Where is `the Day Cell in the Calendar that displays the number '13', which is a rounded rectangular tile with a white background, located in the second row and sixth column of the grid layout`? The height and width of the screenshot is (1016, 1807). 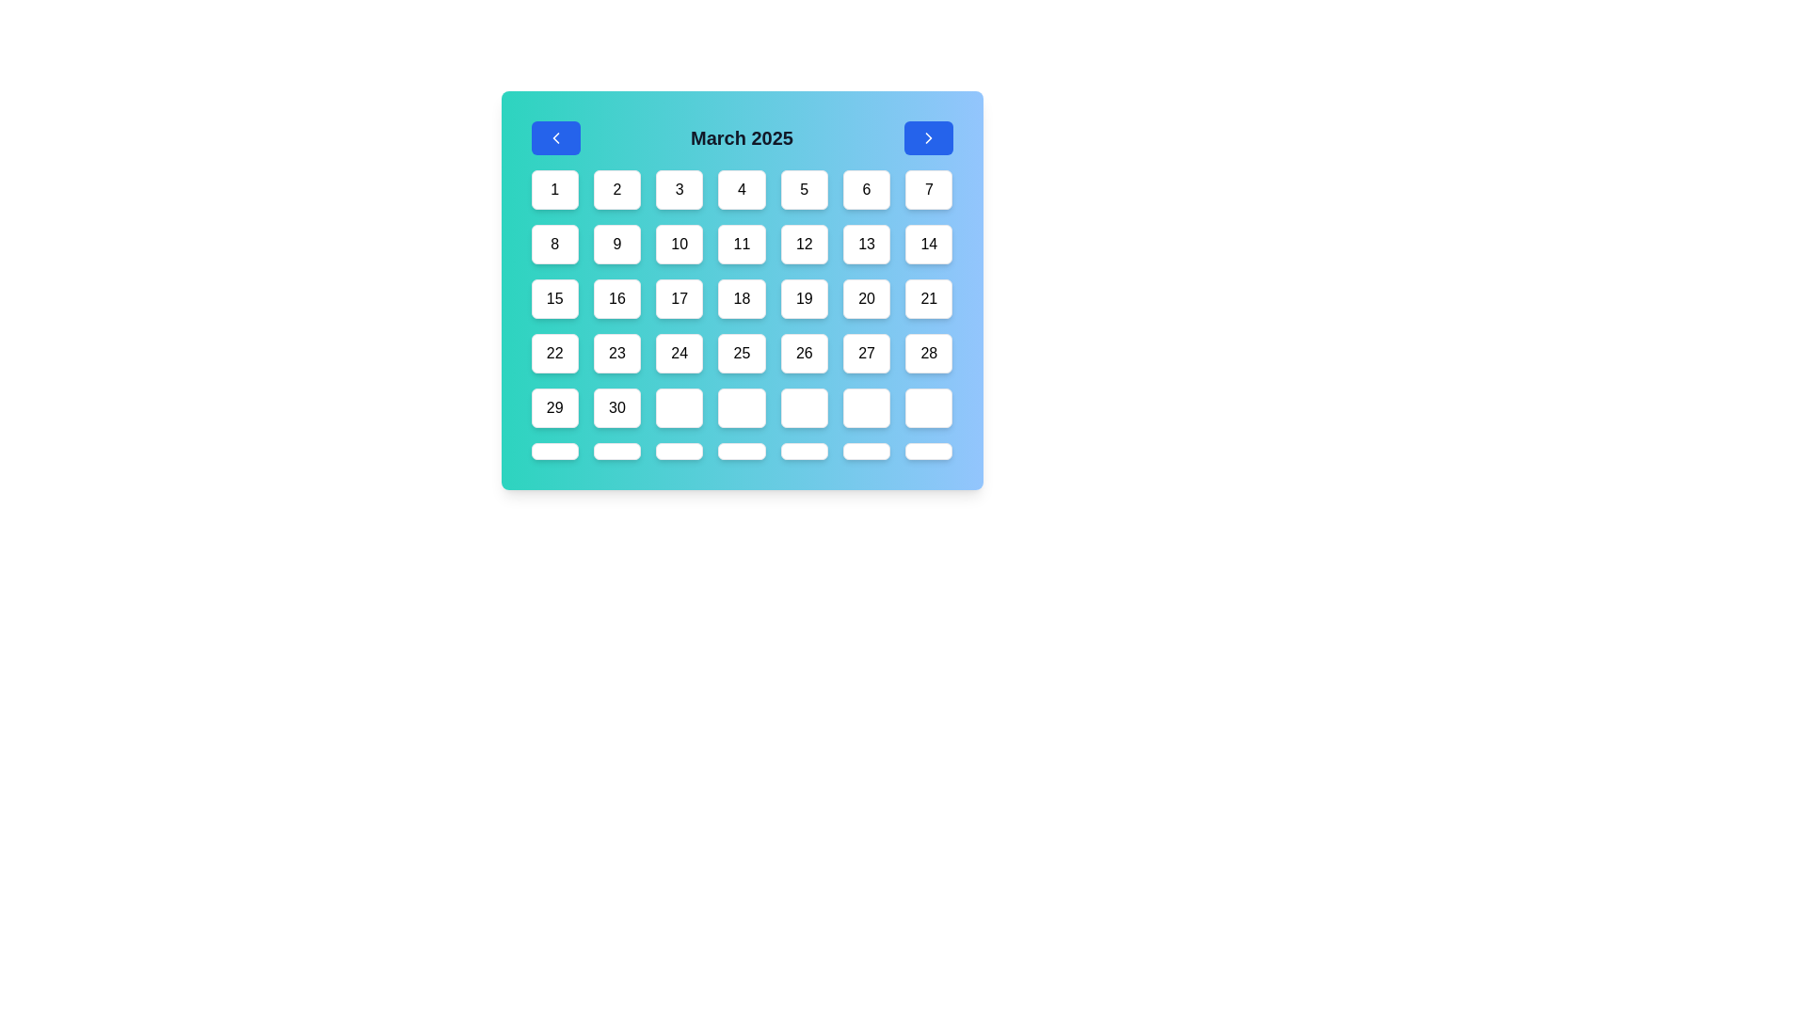
the Day Cell in the Calendar that displays the number '13', which is a rounded rectangular tile with a white background, located in the second row and sixth column of the grid layout is located at coordinates (866, 243).